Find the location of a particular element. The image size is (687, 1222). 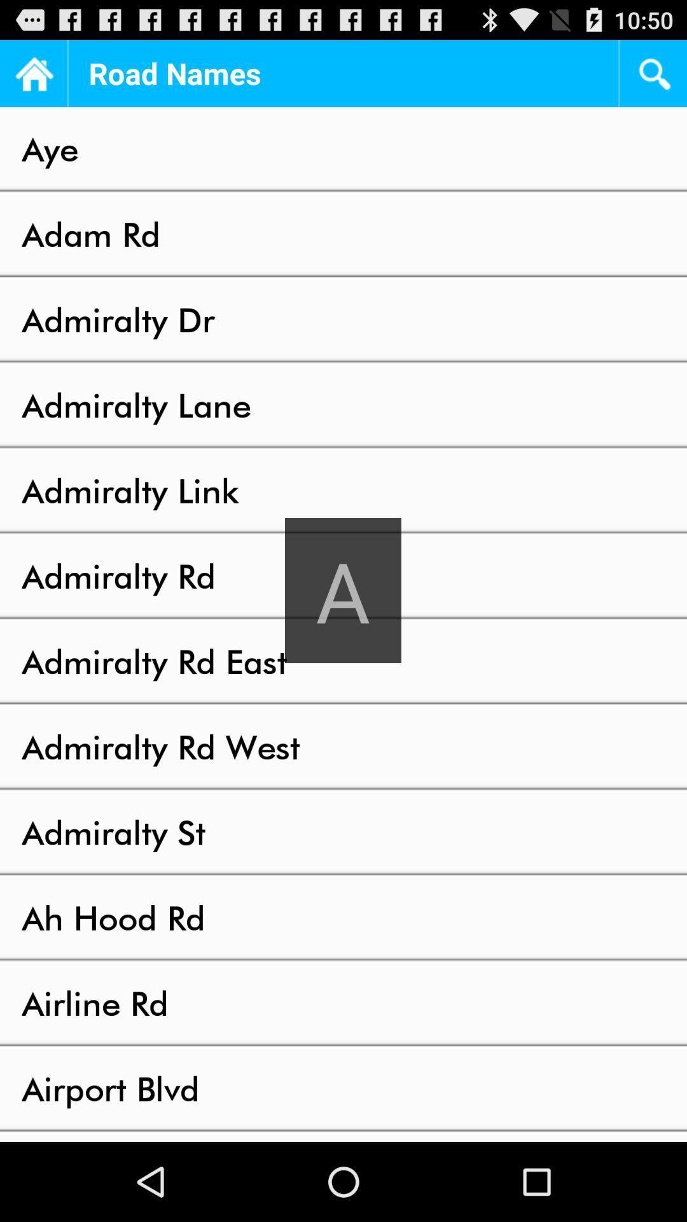

search icon which is at top right side of the page is located at coordinates (653, 73).